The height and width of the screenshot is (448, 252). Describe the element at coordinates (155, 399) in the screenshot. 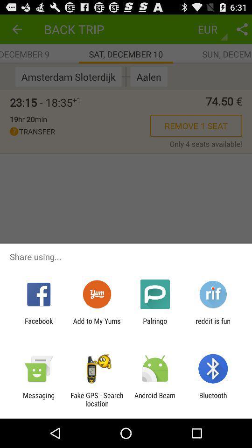

I see `the app to the left of the bluetooth app` at that location.